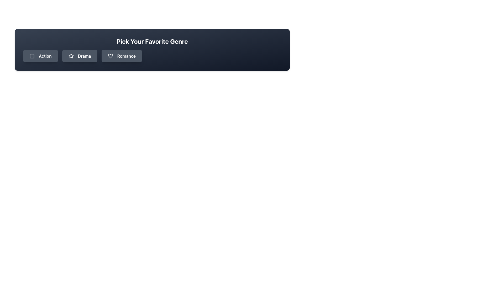 The image size is (504, 283). I want to click on the star-shaped icon located next to the label 'Drama' in the second button of three, styled with an outlined design and rounded edges, so click(71, 56).